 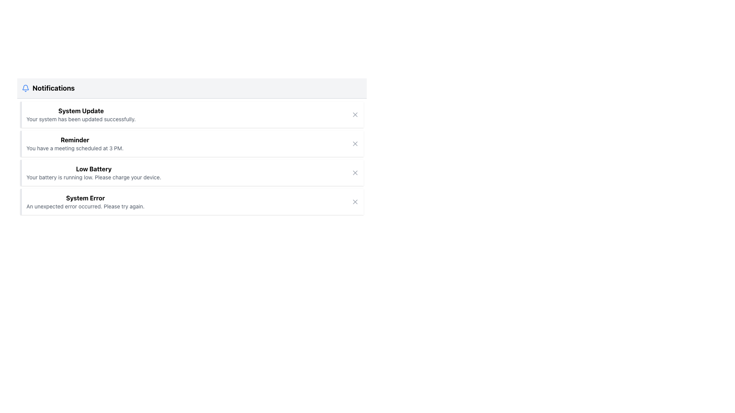 What do you see at coordinates (85, 206) in the screenshot?
I see `the static text element that communicates an error message within the 'System Error' notification, located at the lower-middle part of the notification list` at bounding box center [85, 206].